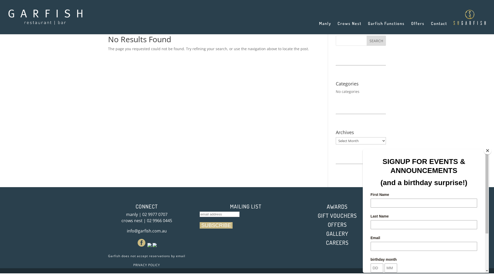  Describe the element at coordinates (337, 206) in the screenshot. I see `'AWARDS'` at that location.